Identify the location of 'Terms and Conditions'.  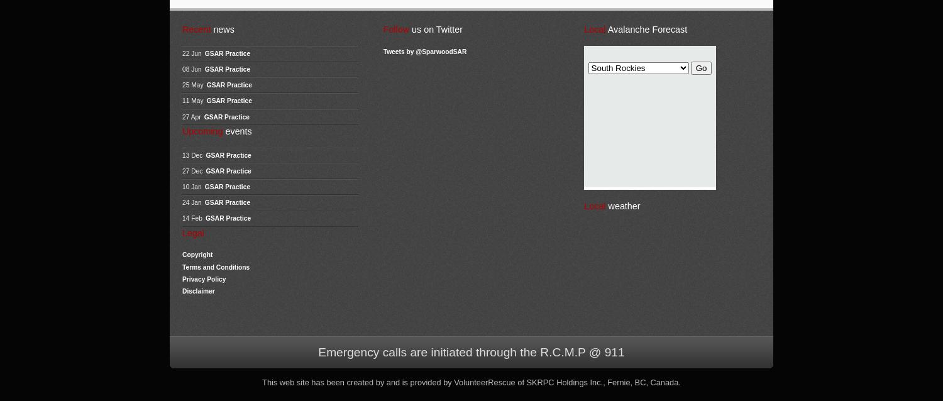
(215, 266).